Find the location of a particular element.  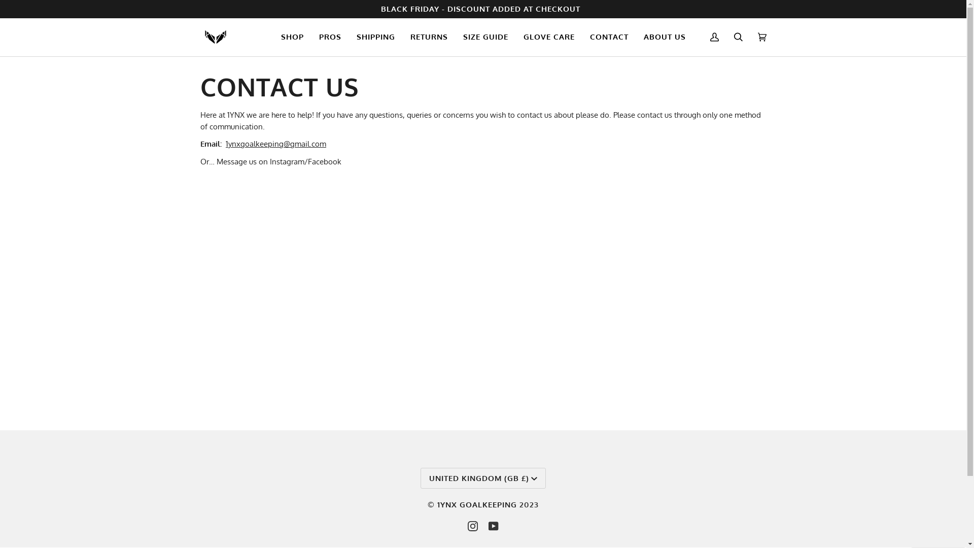

'SHIPPING' is located at coordinates (375, 37).